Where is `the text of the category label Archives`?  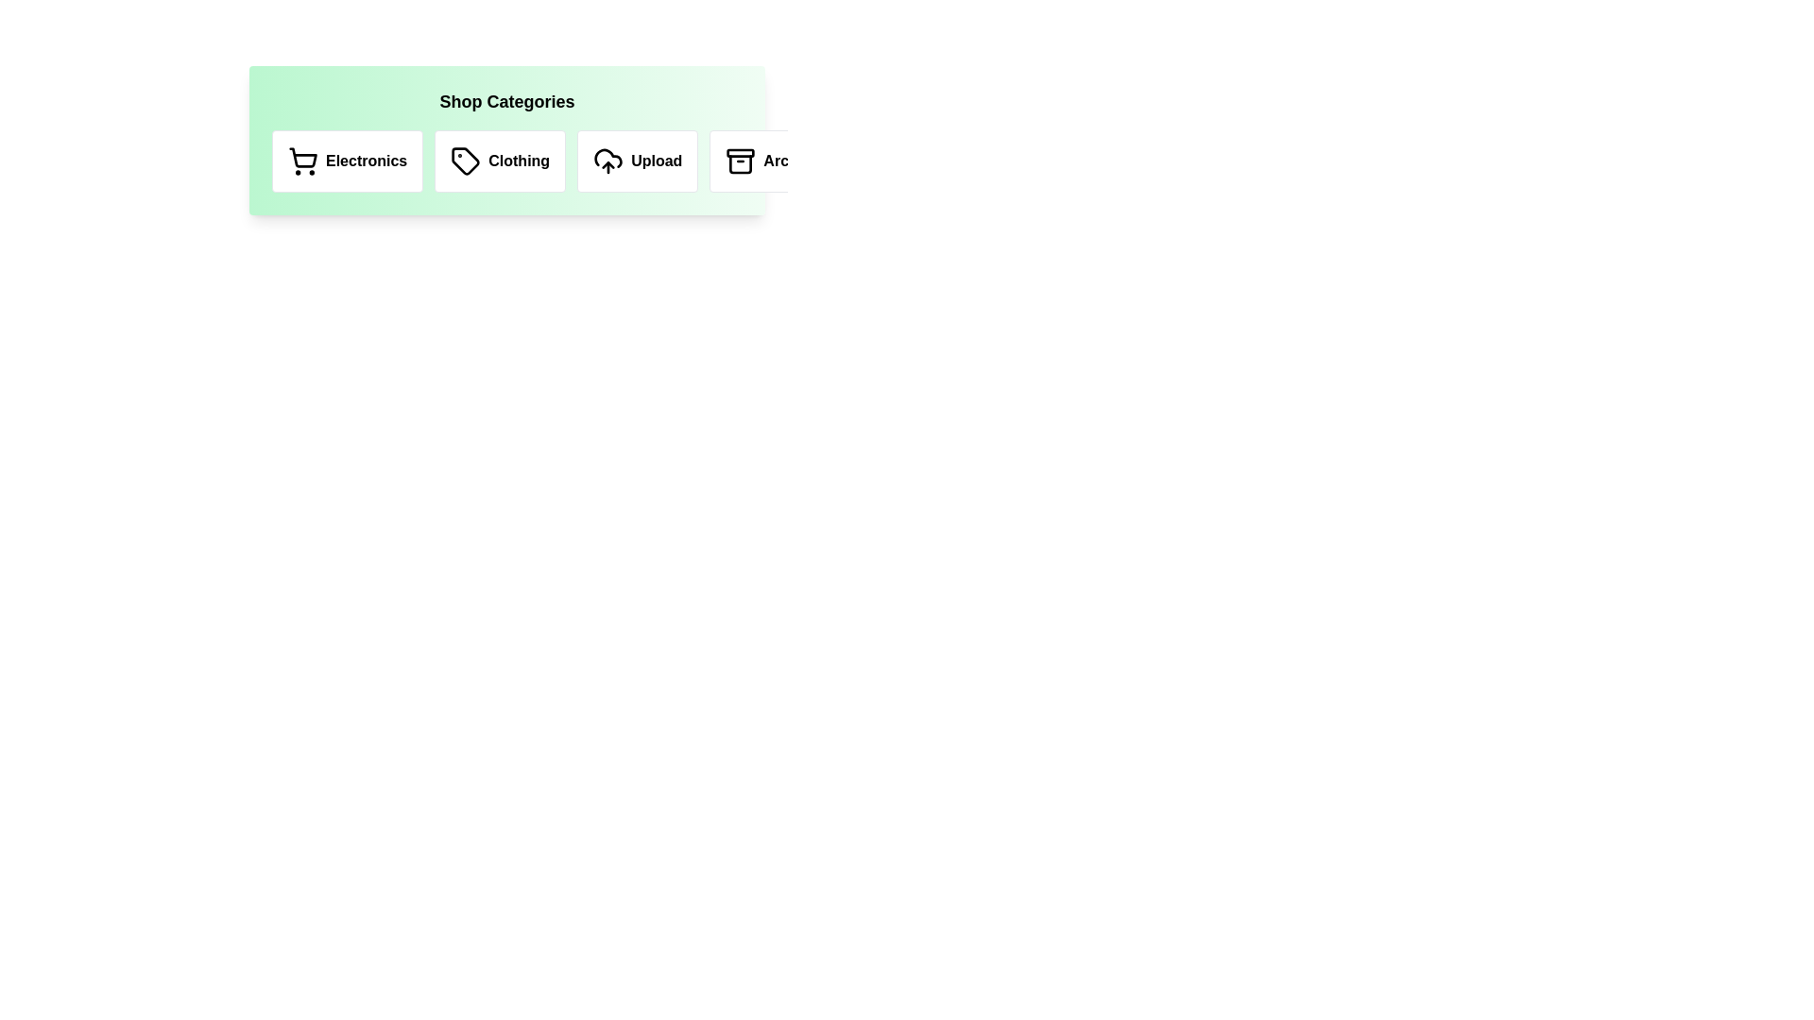
the text of the category label Archives is located at coordinates (776, 160).